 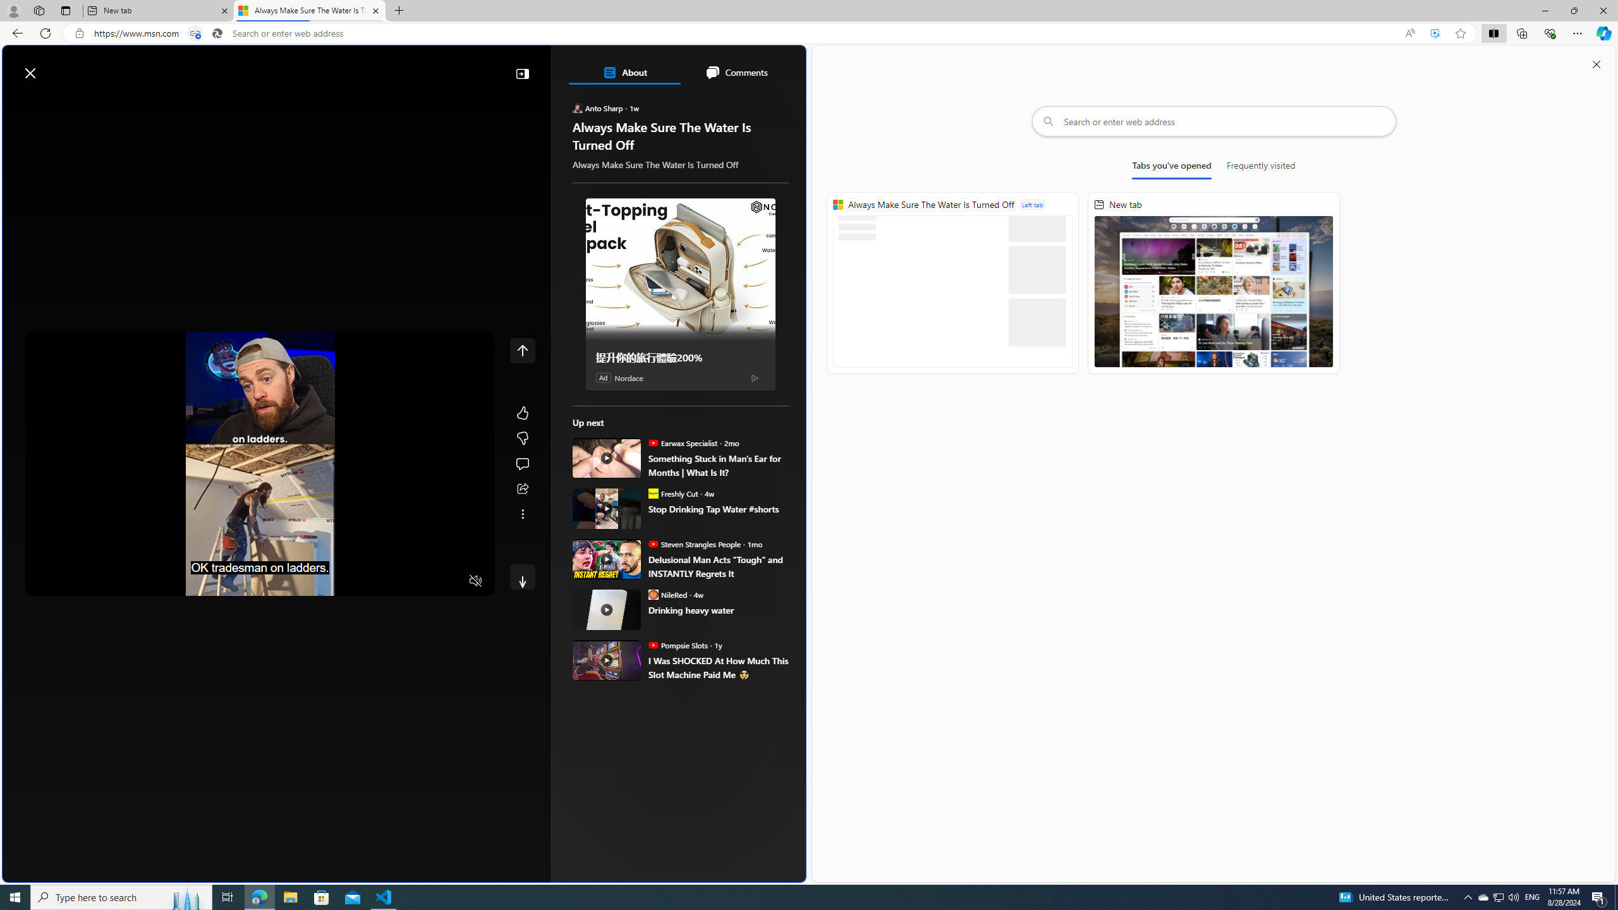 I want to click on 'Split screen', so click(x=1494, y=32).